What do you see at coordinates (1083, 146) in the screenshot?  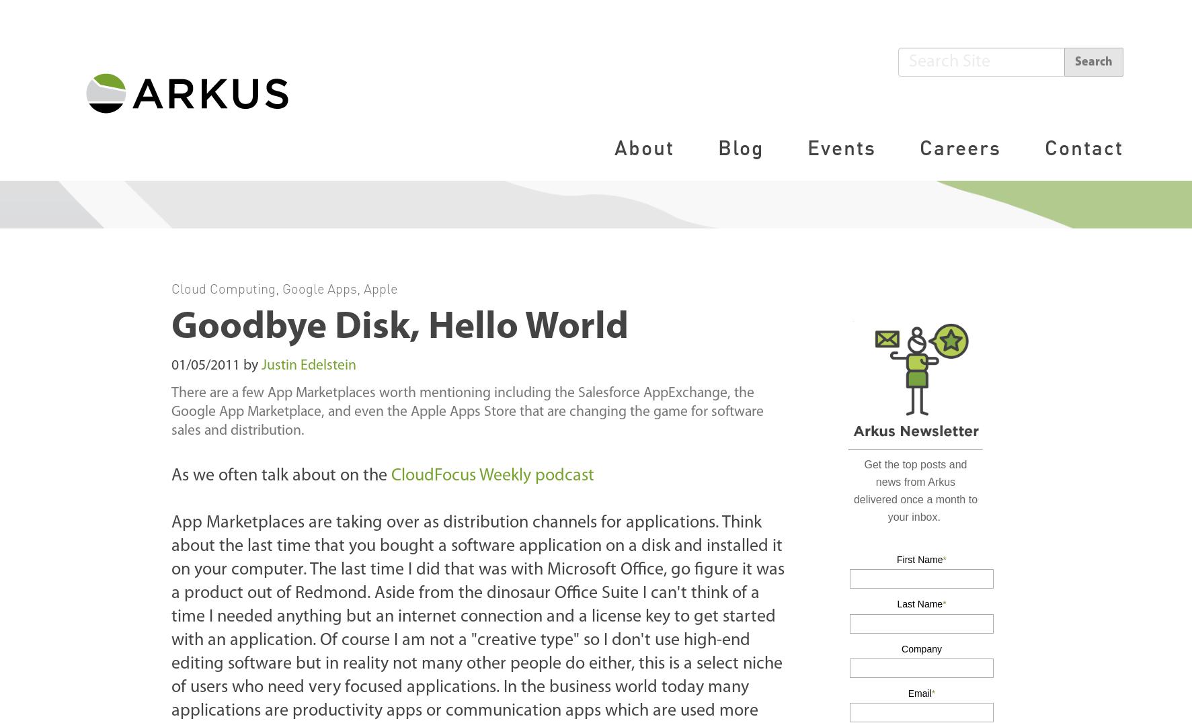 I see `'Contact'` at bounding box center [1083, 146].